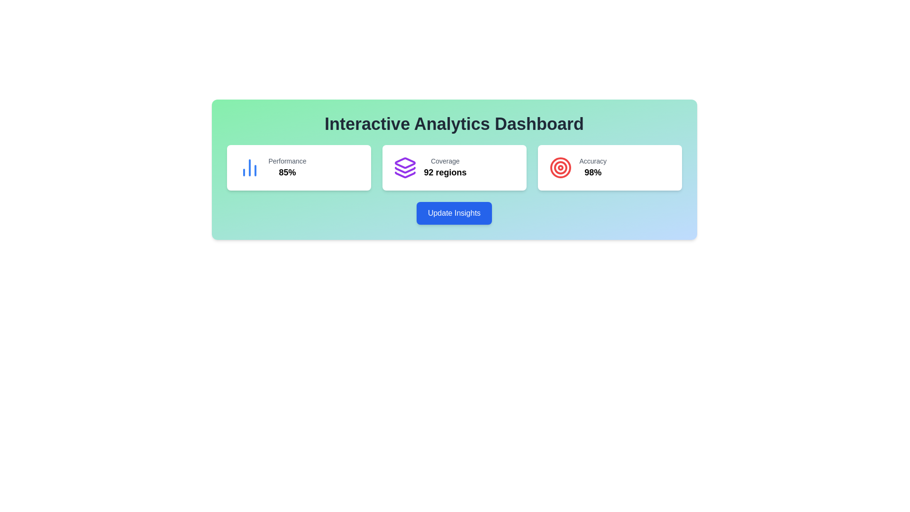 Image resolution: width=910 pixels, height=512 pixels. What do you see at coordinates (405, 167) in the screenshot?
I see `the stack icon representing coverage, which is centrally placed in the second card of the 'Interactive Analytics Dashboard' layout, to associate it with the coverage context` at bounding box center [405, 167].